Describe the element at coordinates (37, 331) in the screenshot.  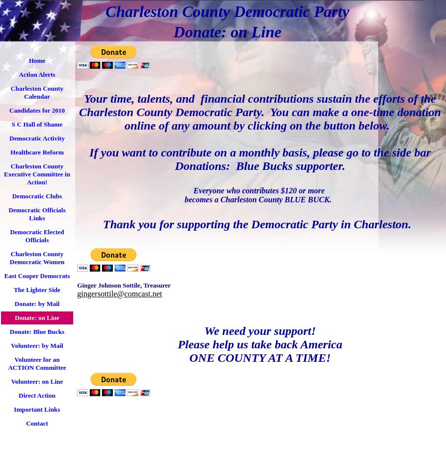
I see `'Donate:  Blue Bucks'` at that location.